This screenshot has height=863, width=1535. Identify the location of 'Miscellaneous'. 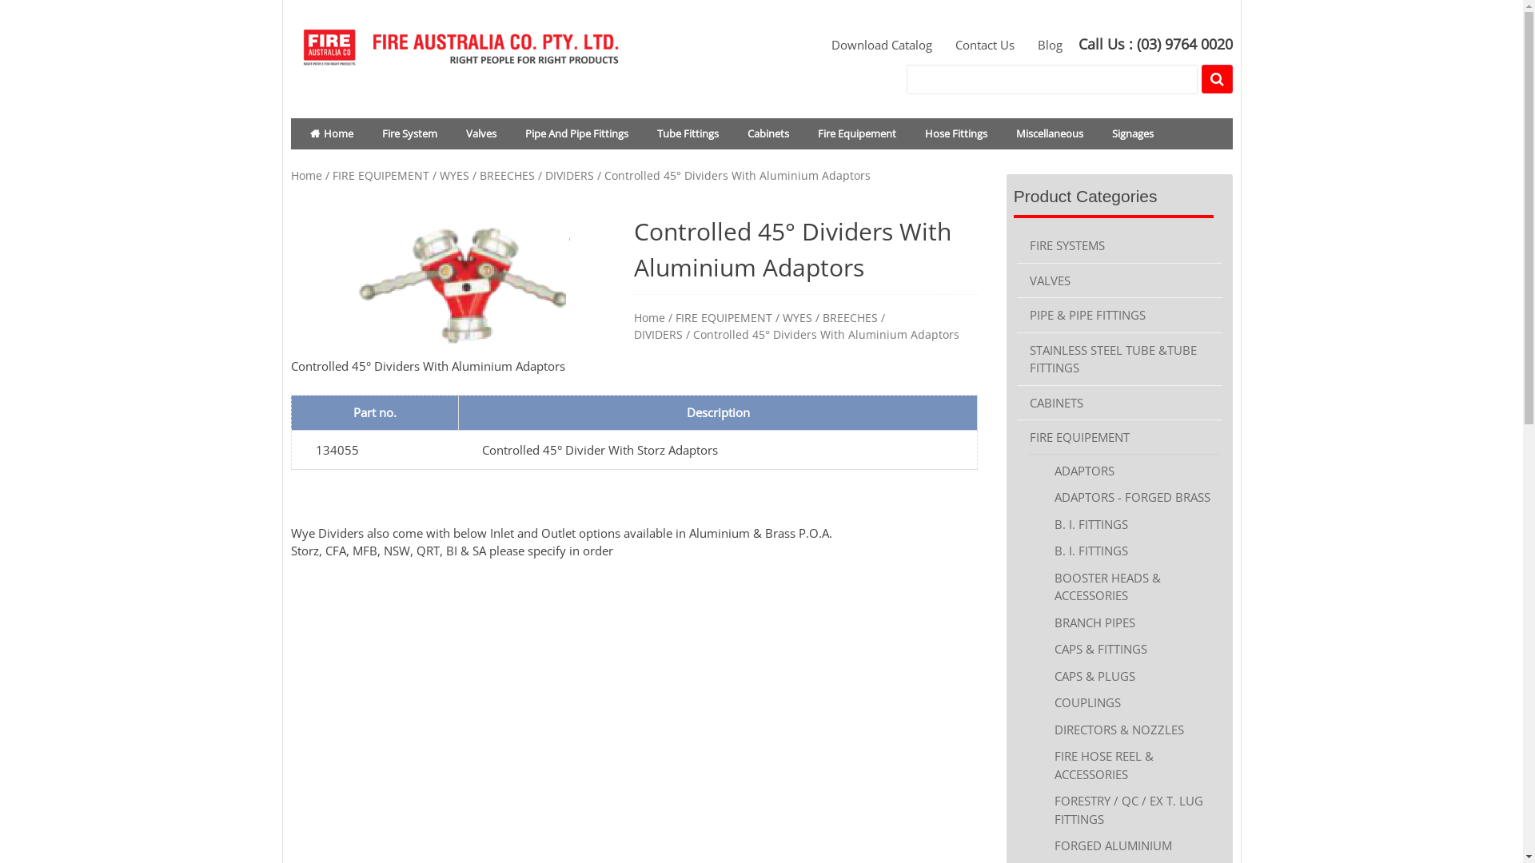
(1048, 133).